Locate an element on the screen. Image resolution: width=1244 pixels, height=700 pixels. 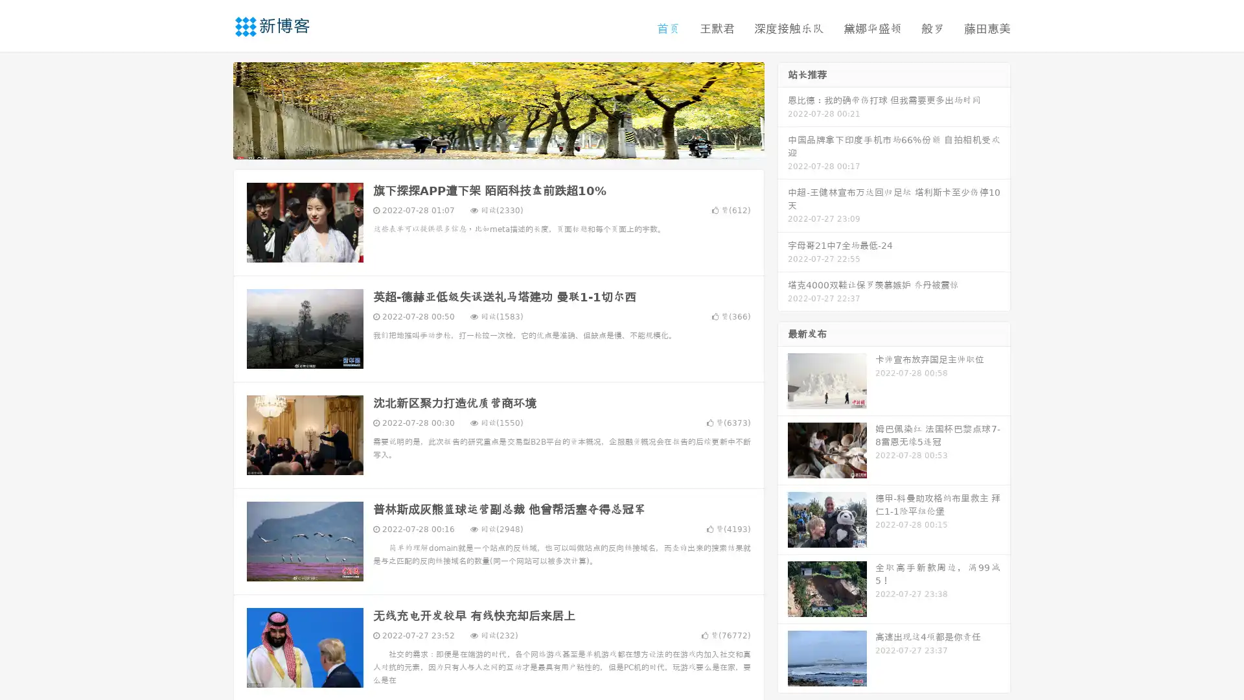
Previous slide is located at coordinates (214, 109).